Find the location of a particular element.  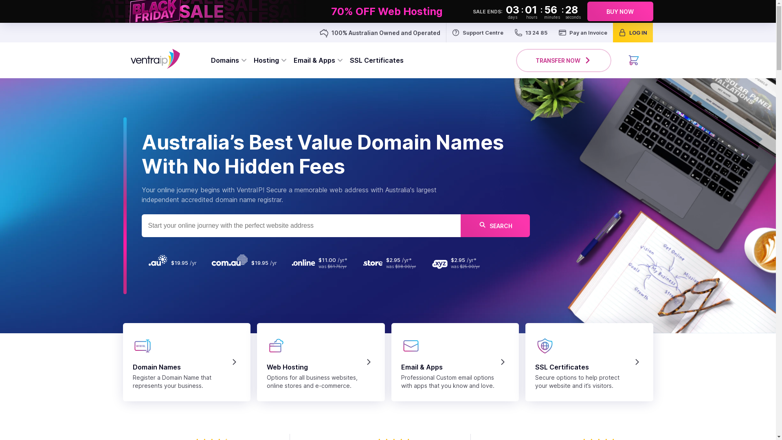

'TRANSFER NOW' is located at coordinates (563, 60).